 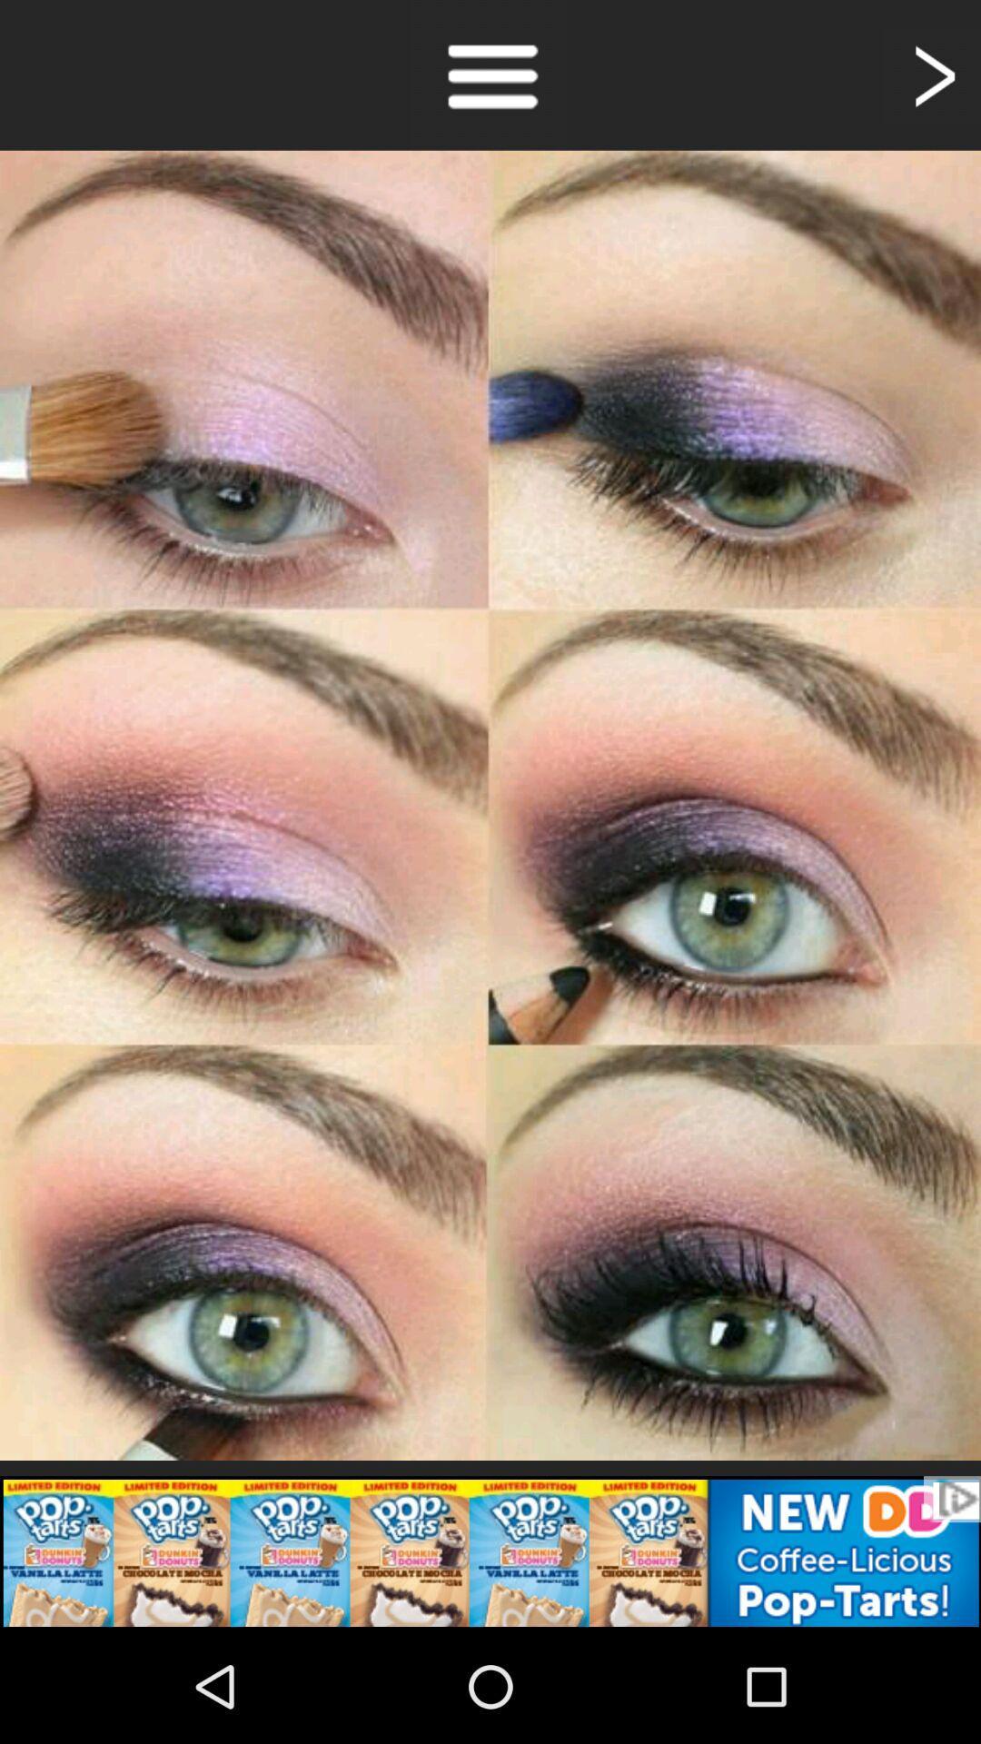 What do you see at coordinates (932, 74) in the screenshot?
I see `next page` at bounding box center [932, 74].